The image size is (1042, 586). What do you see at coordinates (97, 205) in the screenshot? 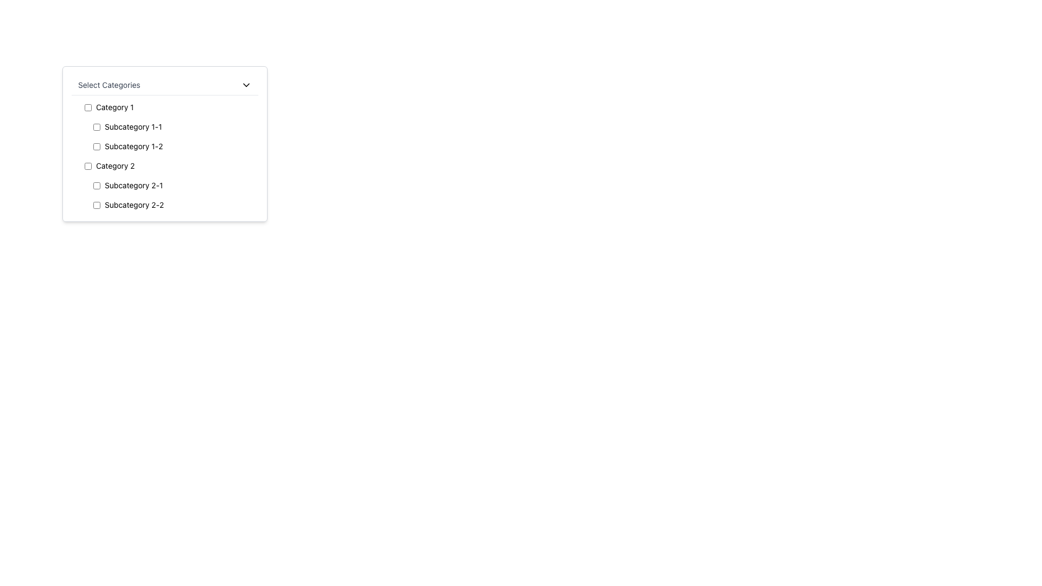
I see `the checkbox located to the left of the text label 'Subcategory 2-2' in the hierarchical dropdown listing under 'Category 2'` at bounding box center [97, 205].